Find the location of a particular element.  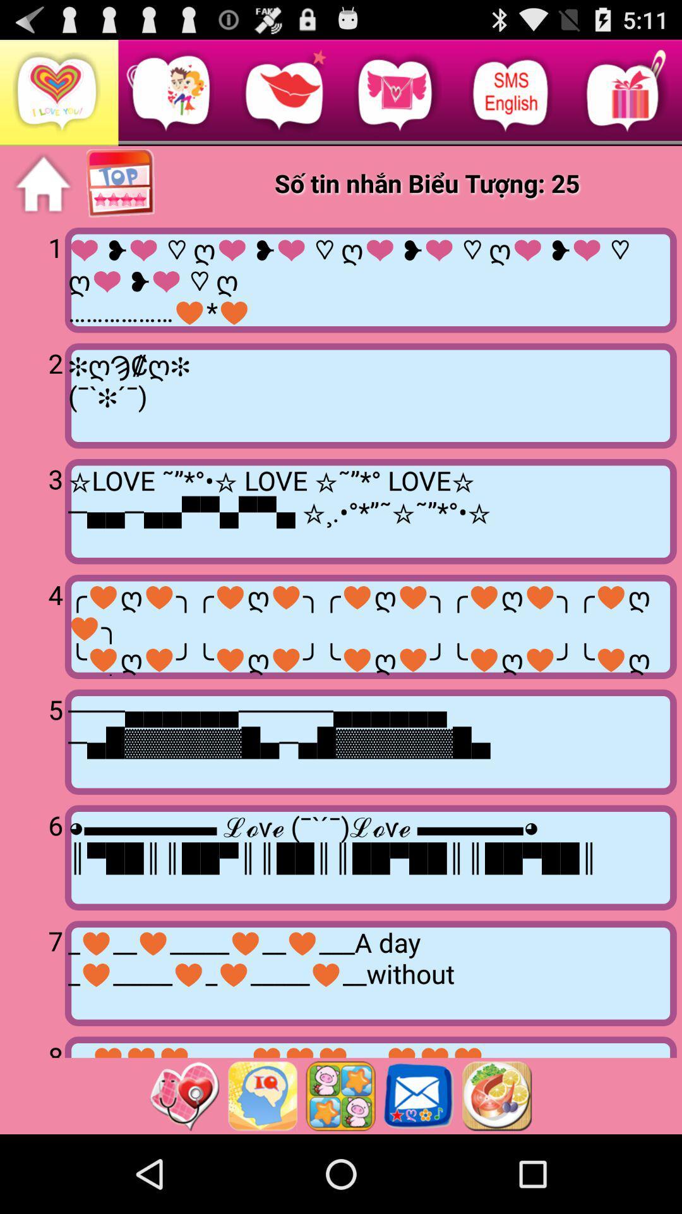

go home is located at coordinates (42, 183).